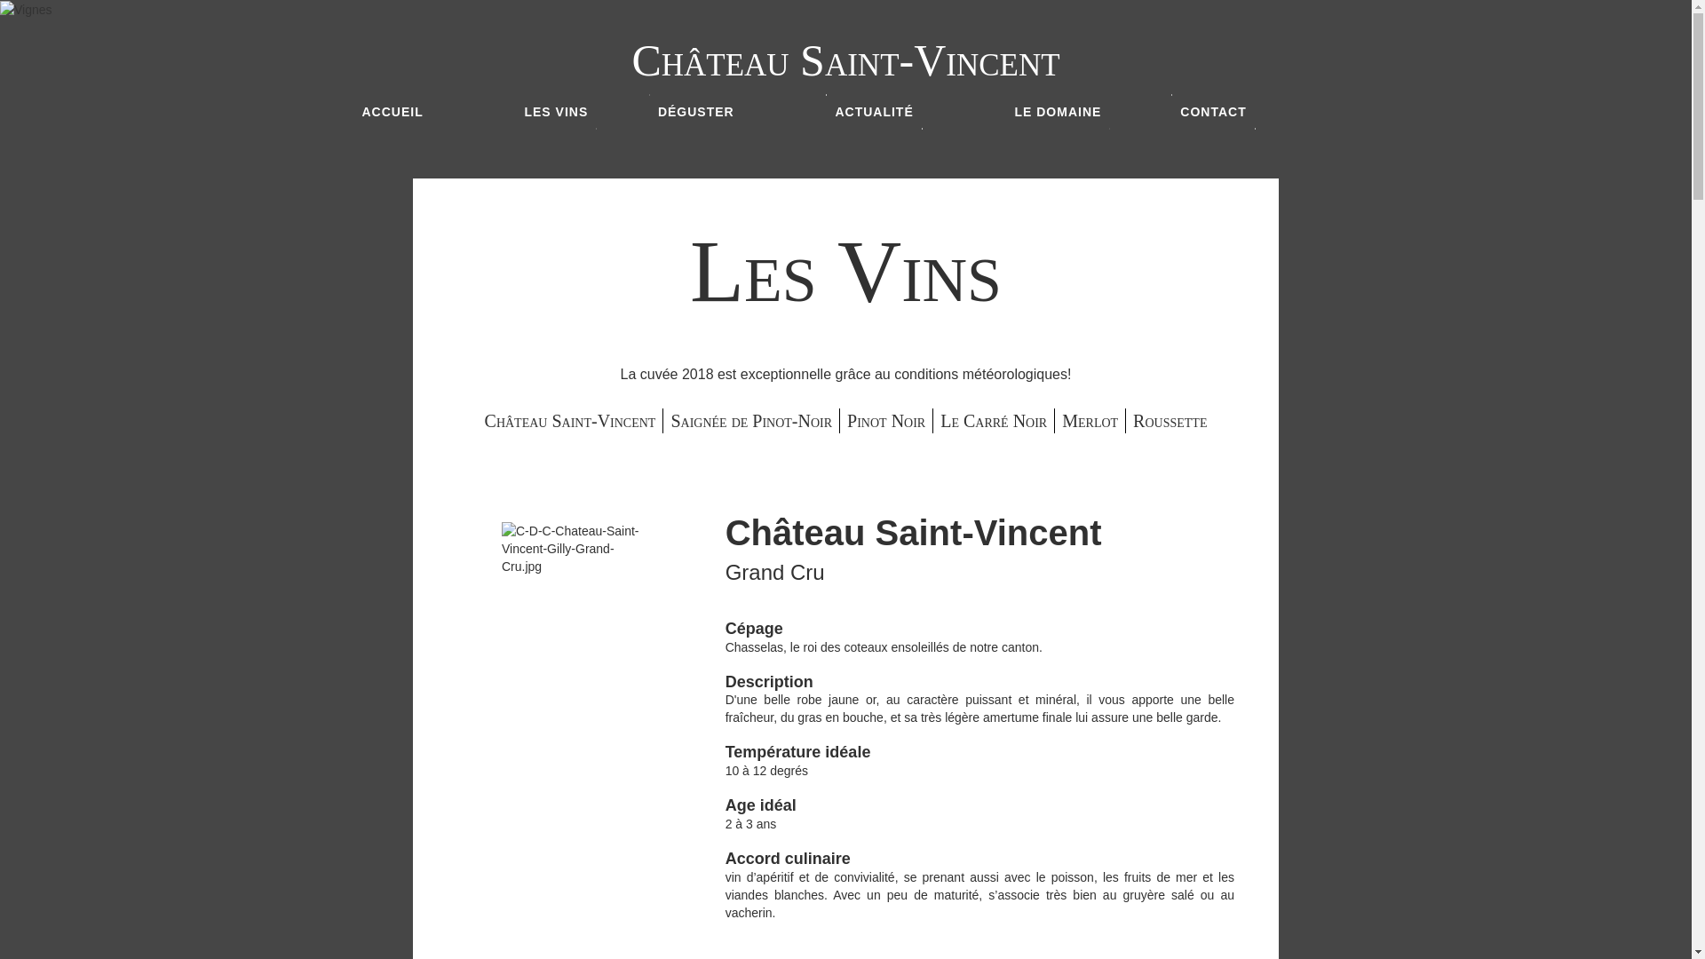  I want to click on 'LES VINS', so click(514, 112).